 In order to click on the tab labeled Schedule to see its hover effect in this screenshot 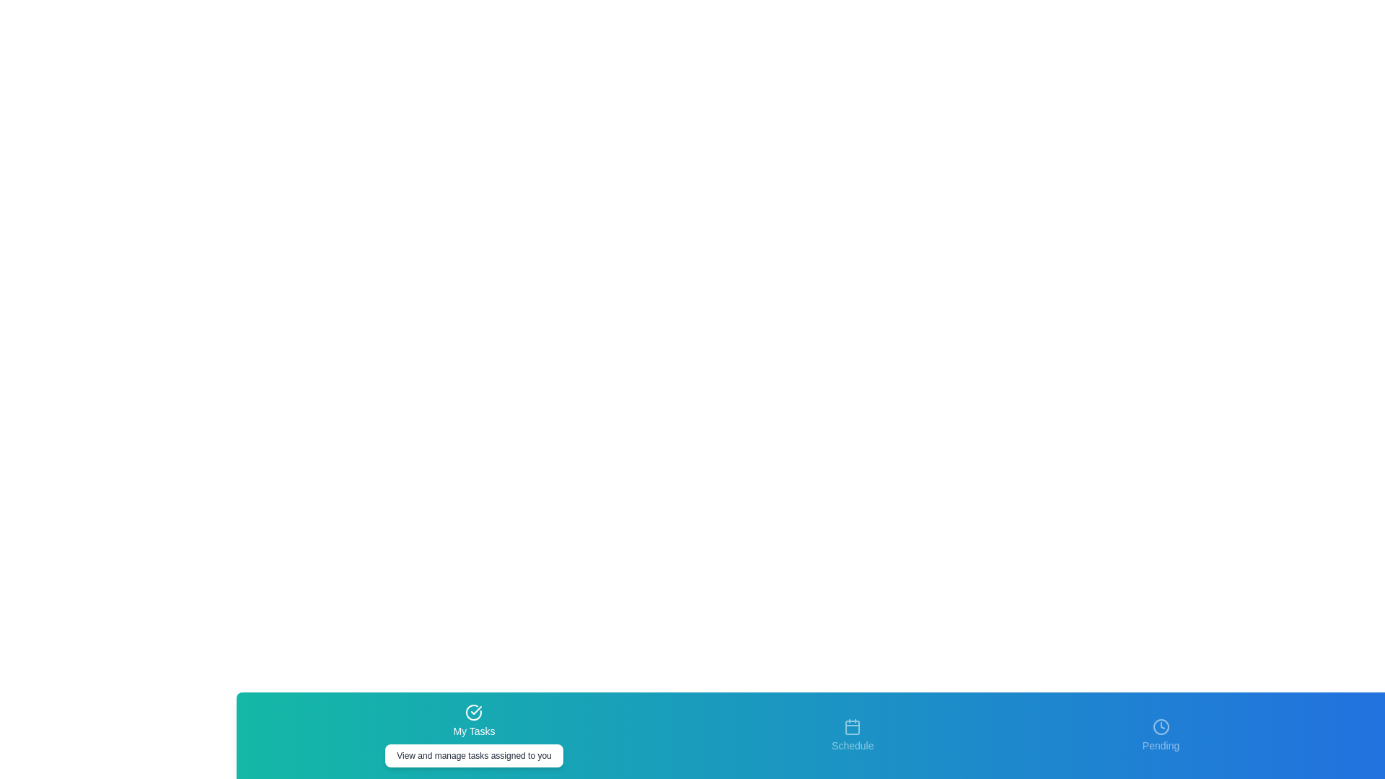, I will do `click(852, 735)`.